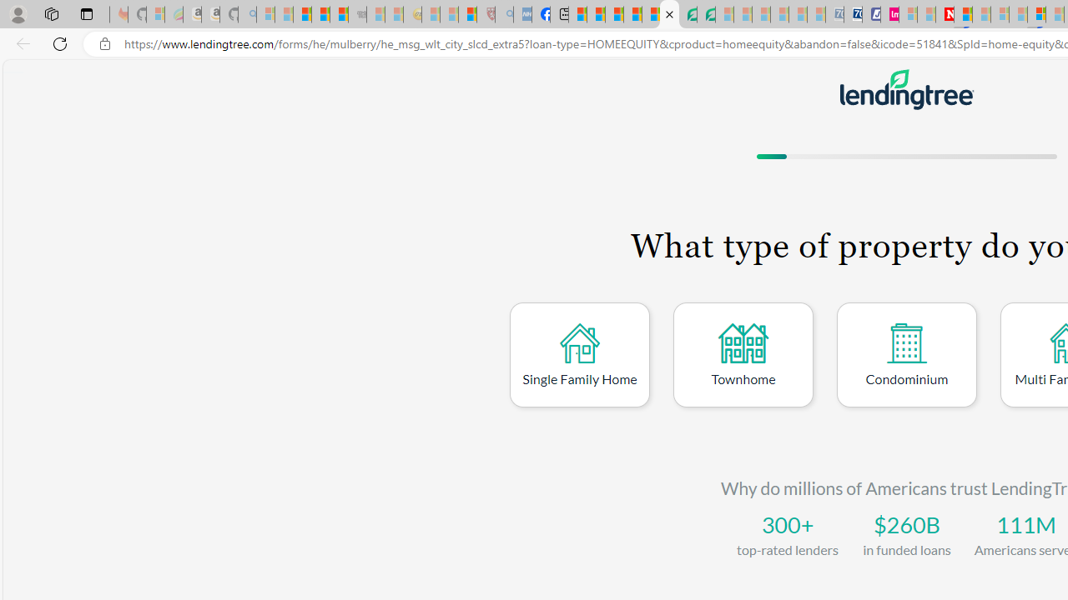 Image resolution: width=1068 pixels, height=600 pixels. I want to click on 'Local - MSN', so click(467, 14).